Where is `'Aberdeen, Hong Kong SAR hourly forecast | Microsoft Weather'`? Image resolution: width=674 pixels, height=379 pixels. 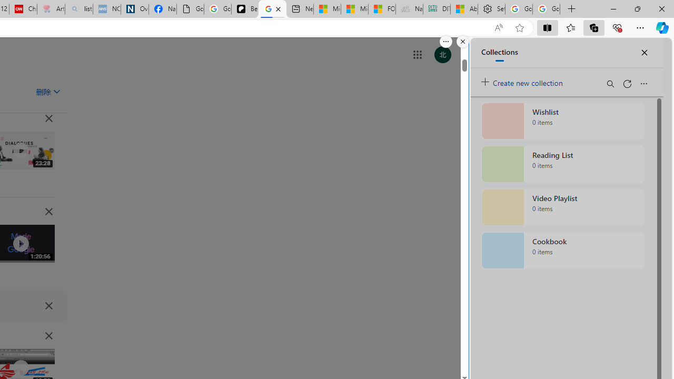 'Aberdeen, Hong Kong SAR hourly forecast | Microsoft Weather' is located at coordinates (463, 9).